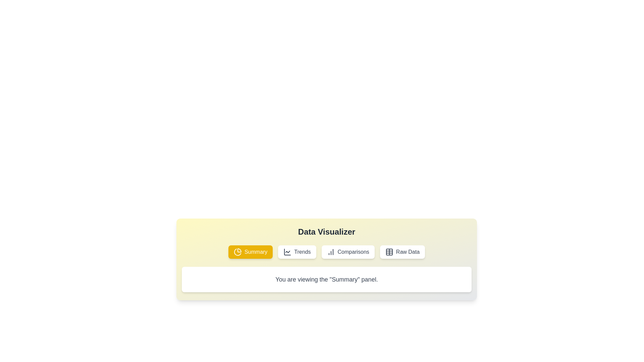  I want to click on the 'Comparisons' button icon located on the right side of the horizontal navigation area, so click(331, 252).